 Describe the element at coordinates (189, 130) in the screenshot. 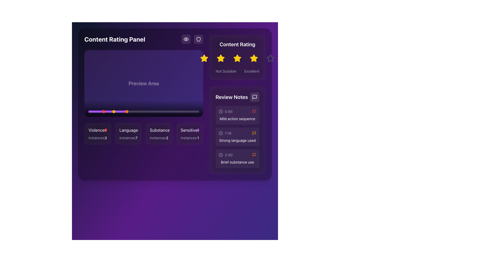

I see `the 'Instances1' label with an indicator icon, which is the fourth item in a row of categorized information tiles about sensitive content` at that location.